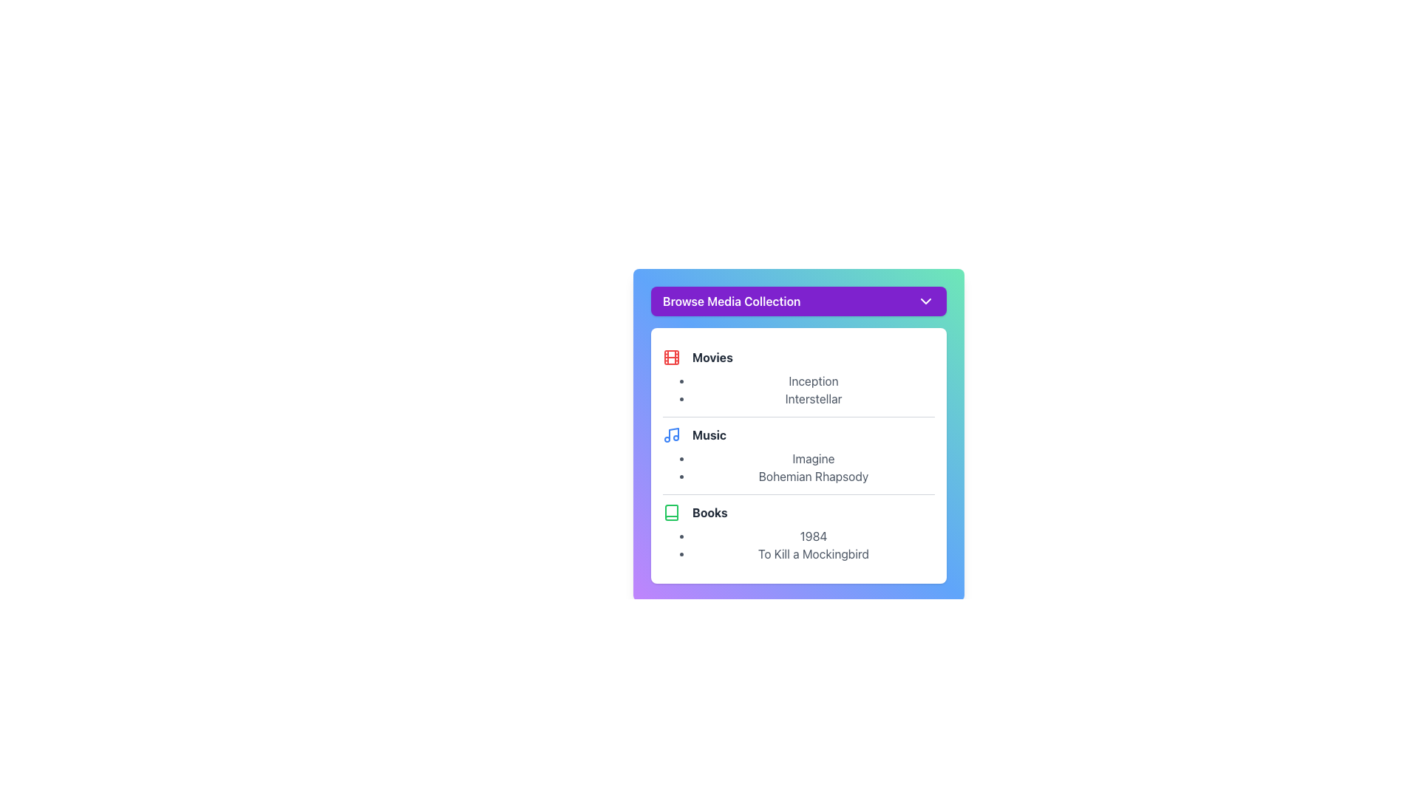  Describe the element at coordinates (812, 536) in the screenshot. I see `the static text displaying '1984' which is the first item in the bulleted list under the 'Books' section` at that location.